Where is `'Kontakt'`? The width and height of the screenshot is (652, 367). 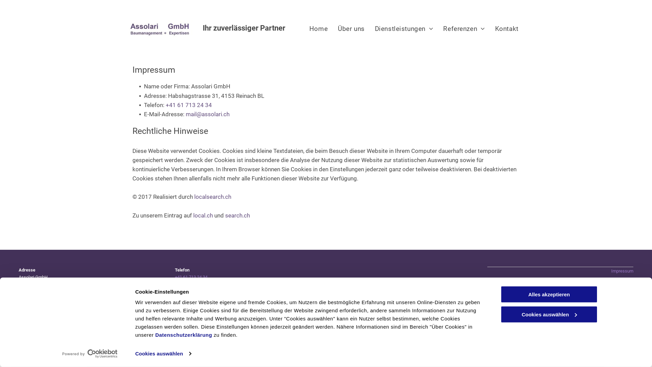 'Kontakt' is located at coordinates (507, 28).